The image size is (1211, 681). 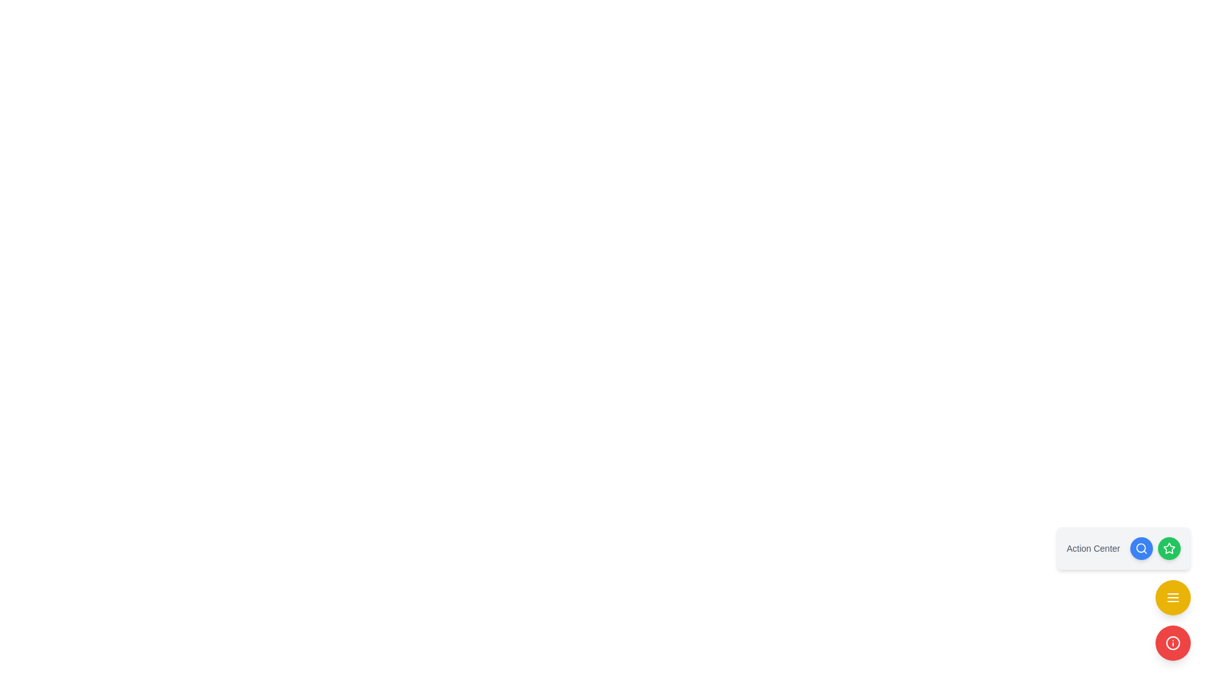 I want to click on the interactive information button located at the bottom-right corner of the interface, so click(x=1173, y=643).